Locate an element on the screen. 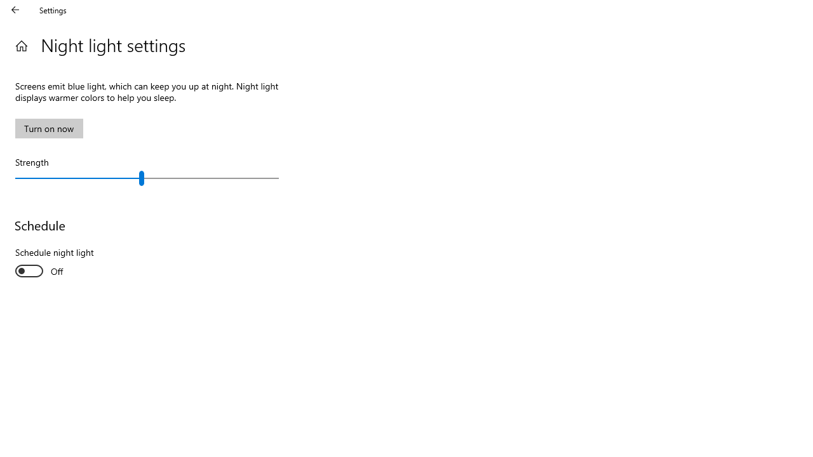 The height and width of the screenshot is (457, 813). 'Home' is located at coordinates (21, 45).